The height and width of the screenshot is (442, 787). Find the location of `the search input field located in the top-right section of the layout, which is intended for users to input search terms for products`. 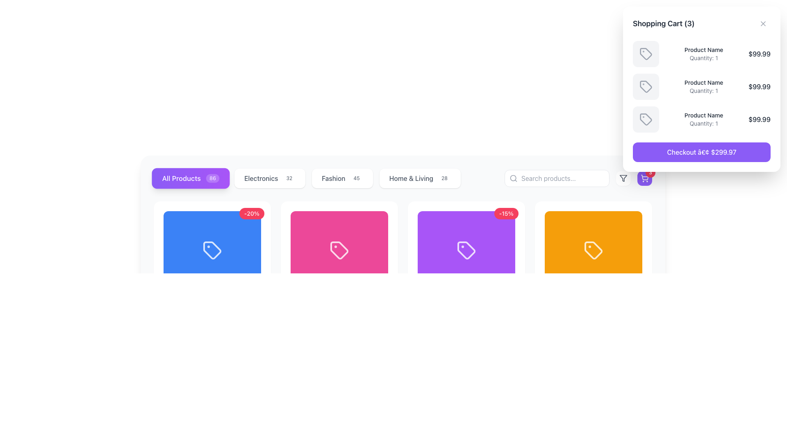

the search input field located in the top-right section of the layout, which is intended for users to input search terms for products is located at coordinates (578, 178).